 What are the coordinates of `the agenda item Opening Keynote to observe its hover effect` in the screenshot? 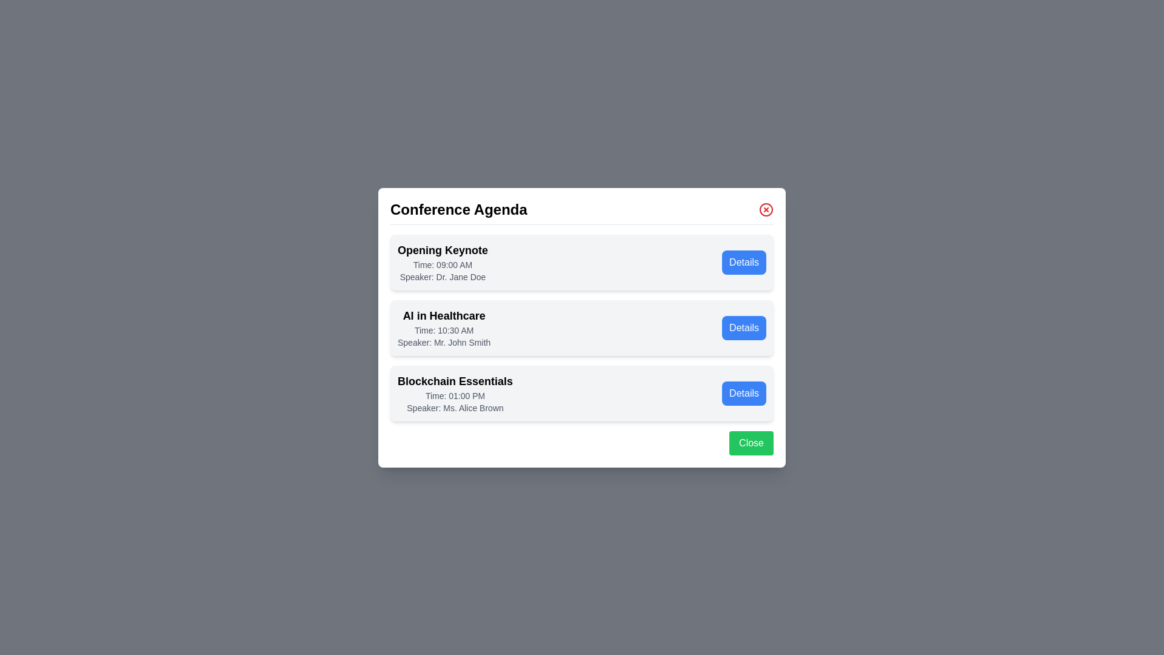 It's located at (582, 261).